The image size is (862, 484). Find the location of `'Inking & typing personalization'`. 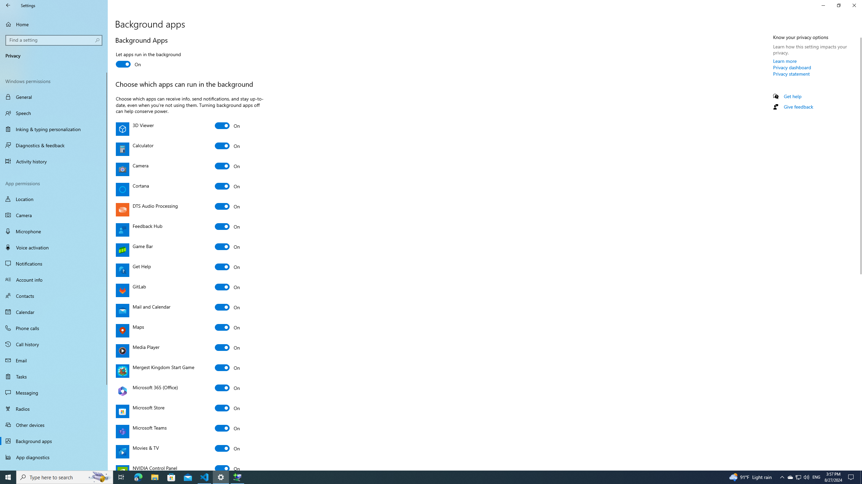

'Inking & typing personalization' is located at coordinates (54, 128).